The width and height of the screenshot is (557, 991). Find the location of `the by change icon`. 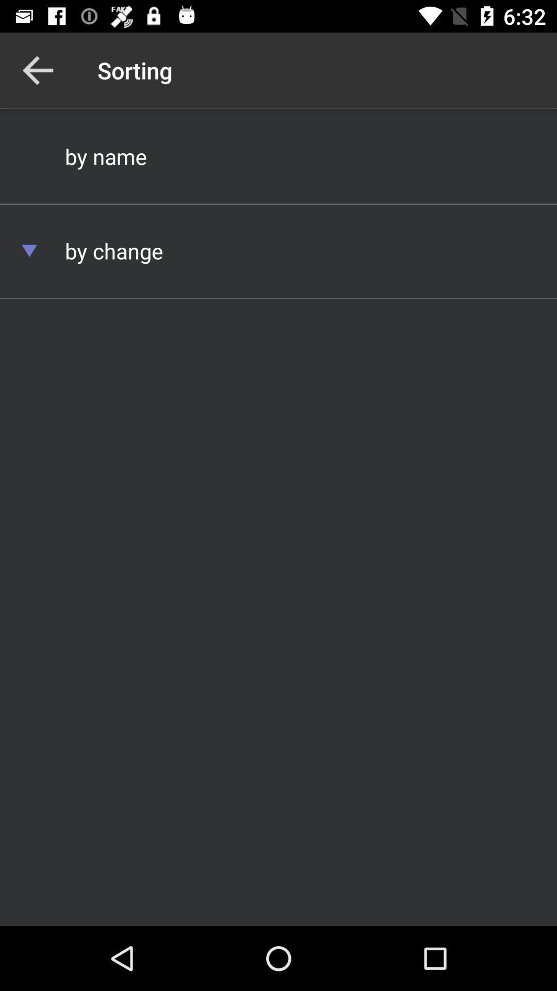

the by change icon is located at coordinates (278, 250).